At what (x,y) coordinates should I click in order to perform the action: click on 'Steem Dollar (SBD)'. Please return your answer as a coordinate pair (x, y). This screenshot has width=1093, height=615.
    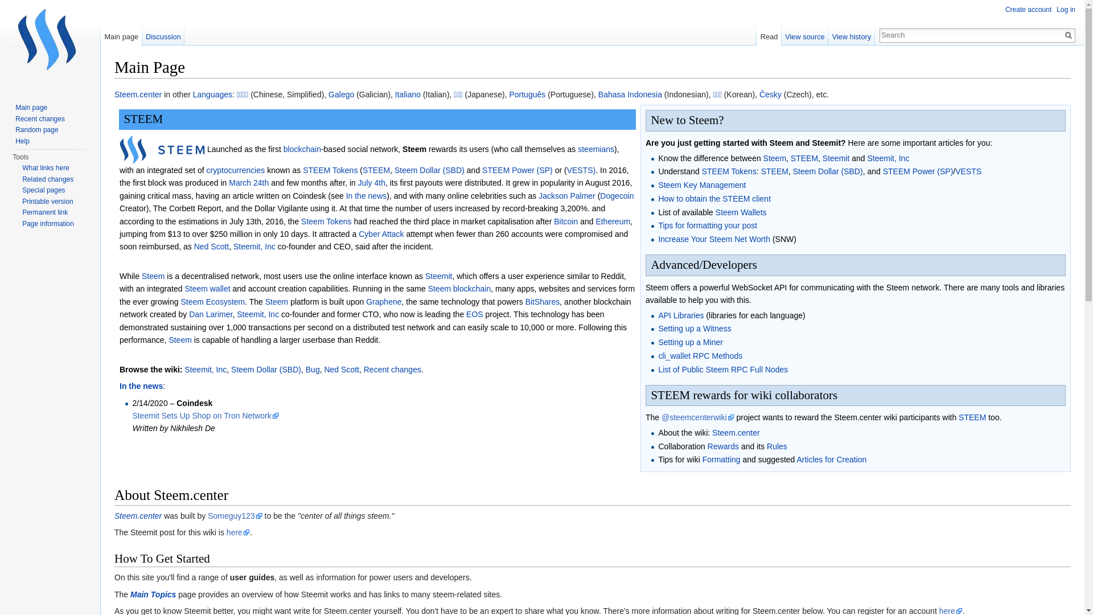
    Looking at the image, I should click on (429, 170).